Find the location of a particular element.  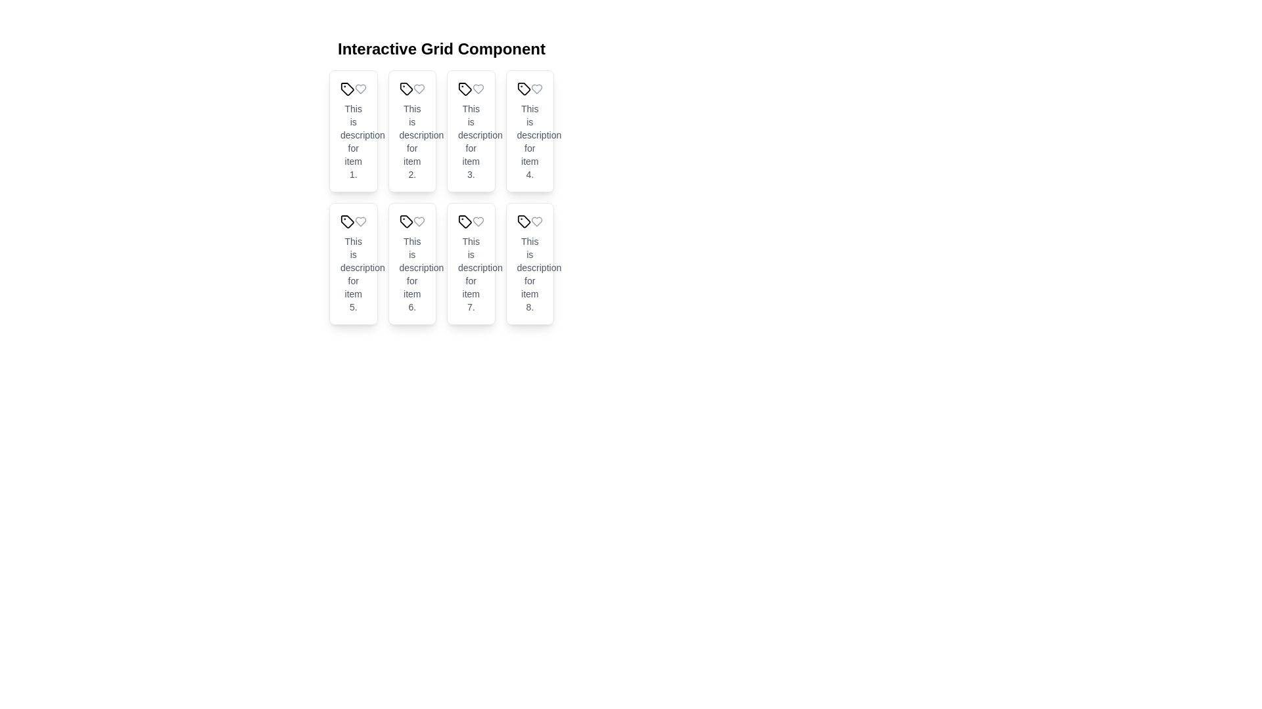

the heart-shaped icon is located at coordinates (360, 221).